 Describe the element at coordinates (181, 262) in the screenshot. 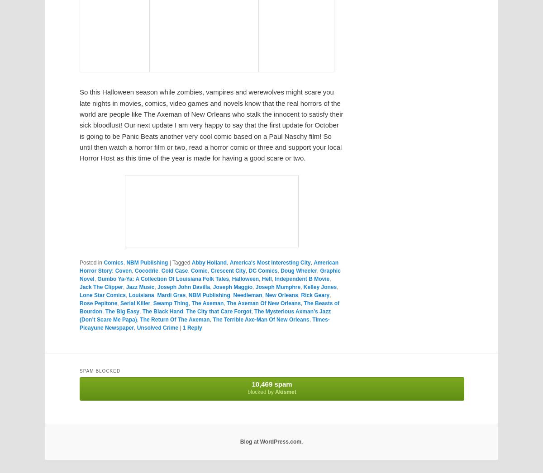

I see `'Tagged'` at that location.